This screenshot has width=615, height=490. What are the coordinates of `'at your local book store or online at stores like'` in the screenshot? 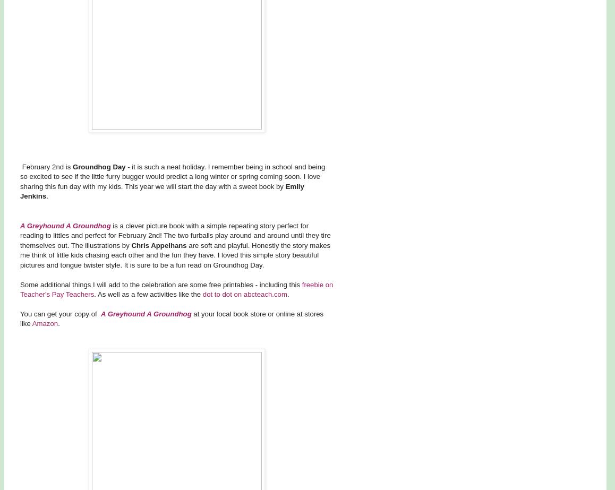 It's located at (19, 318).